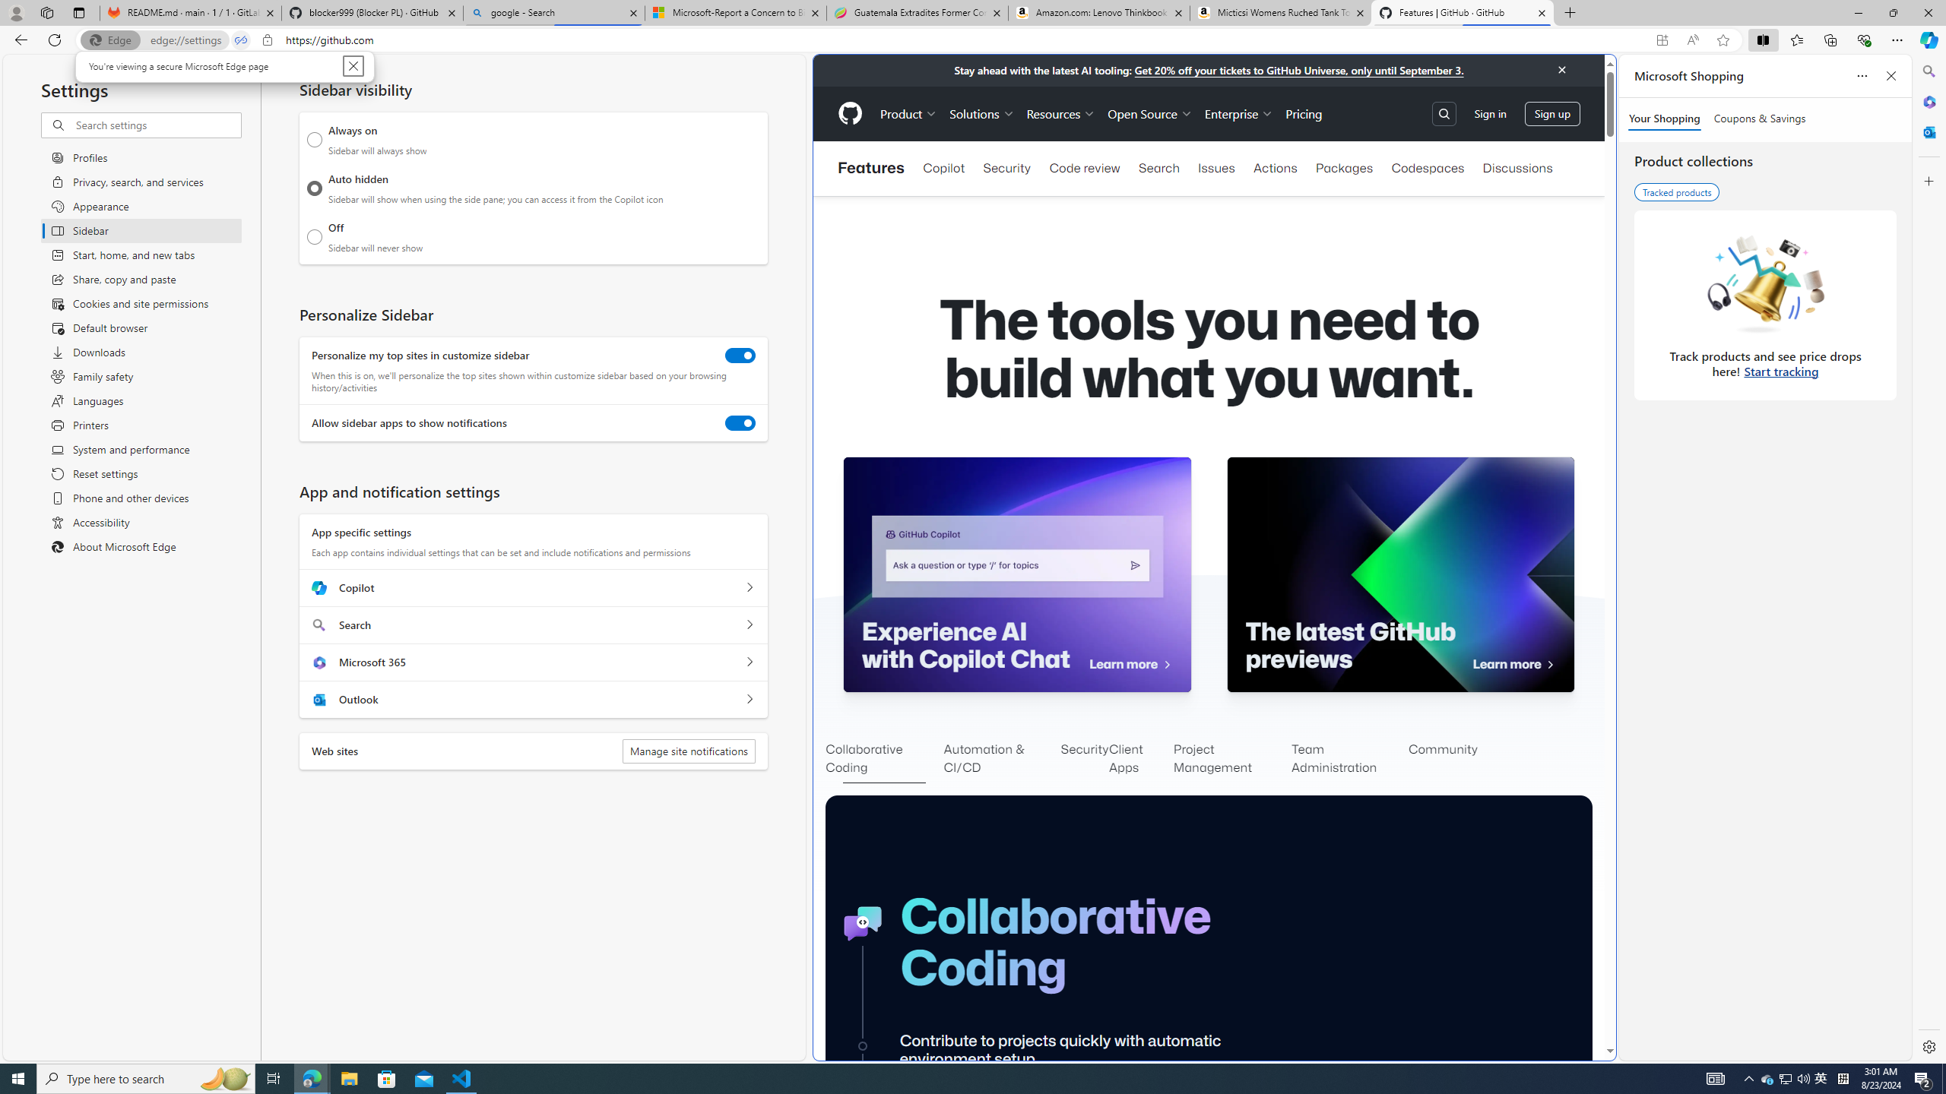 Image resolution: width=1946 pixels, height=1094 pixels. What do you see at coordinates (1943, 1077) in the screenshot?
I see `'Show desktop'` at bounding box center [1943, 1077].